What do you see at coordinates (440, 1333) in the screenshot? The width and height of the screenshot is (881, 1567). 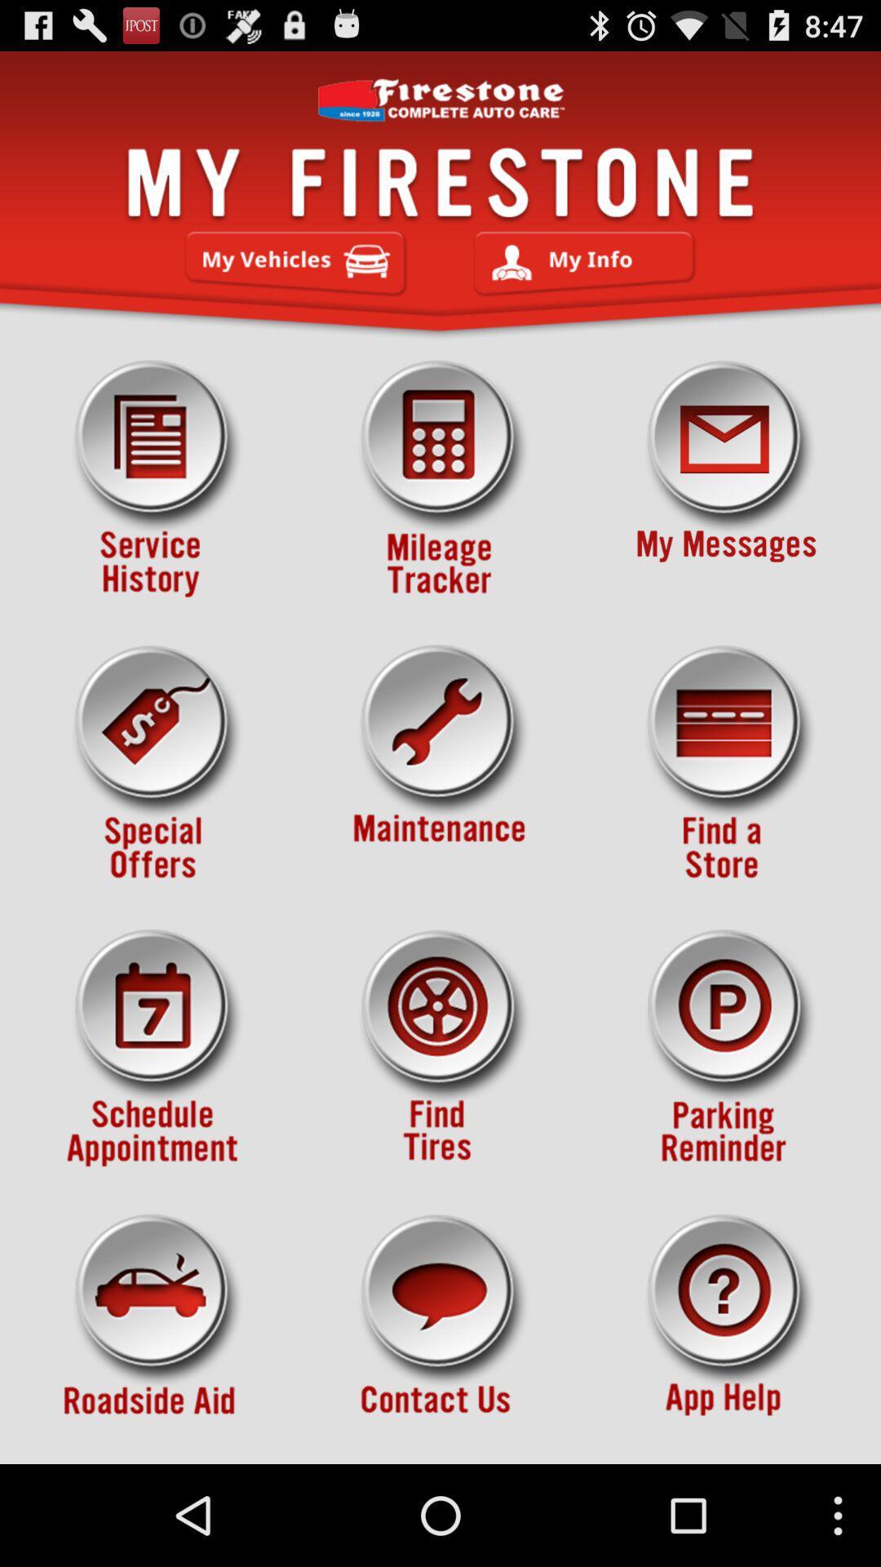 I see `contact us` at bounding box center [440, 1333].